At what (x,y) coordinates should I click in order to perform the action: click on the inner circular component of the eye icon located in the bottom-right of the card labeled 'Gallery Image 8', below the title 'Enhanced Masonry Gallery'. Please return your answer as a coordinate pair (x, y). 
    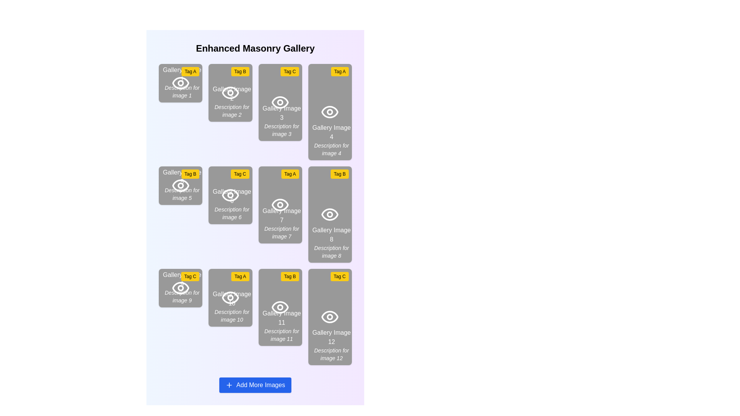
    Looking at the image, I should click on (330, 214).